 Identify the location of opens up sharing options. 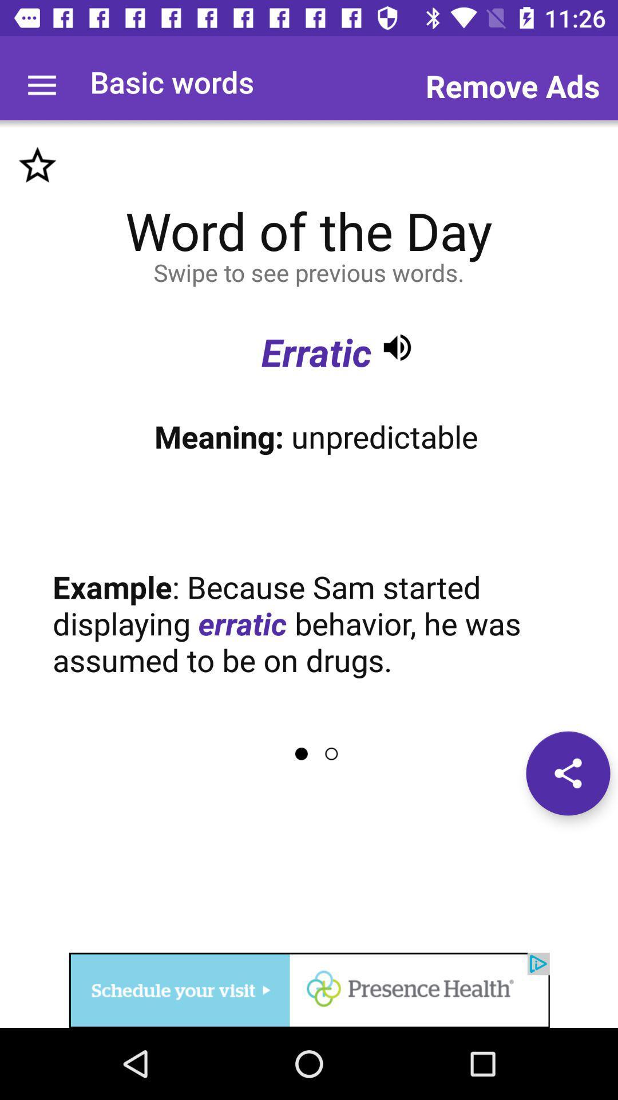
(568, 773).